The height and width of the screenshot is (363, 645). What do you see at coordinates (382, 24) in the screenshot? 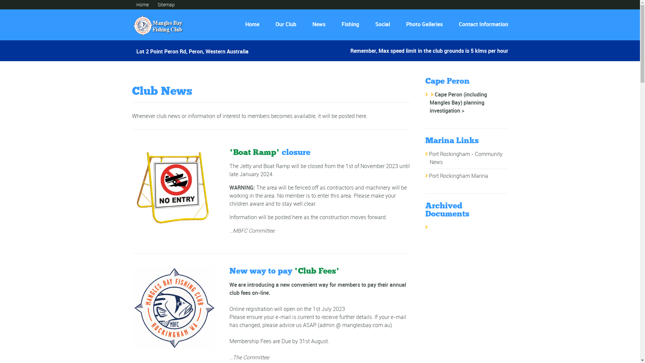
I see `'Social'` at bounding box center [382, 24].